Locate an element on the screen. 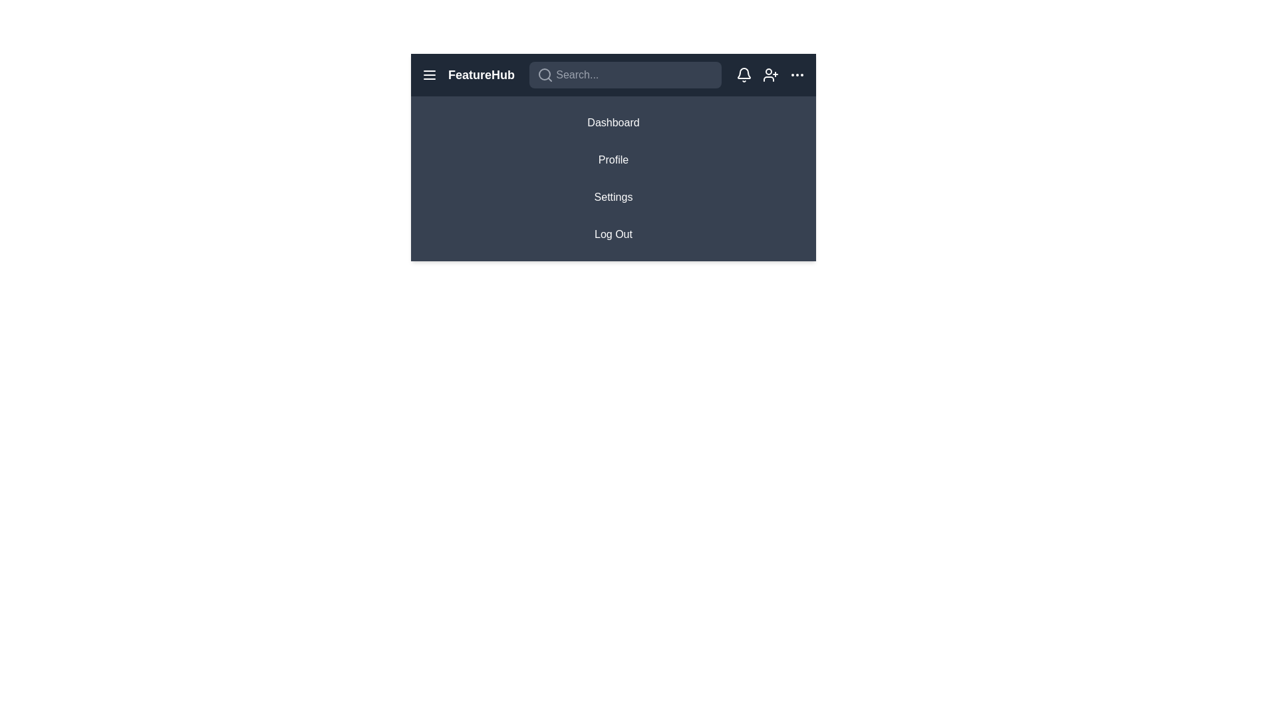  the 'Log Out' button, which is a rectangular button with white text on a dark background and rounded edges, located beneath the 'Settings' button in a vertical list is located at coordinates (613, 234).